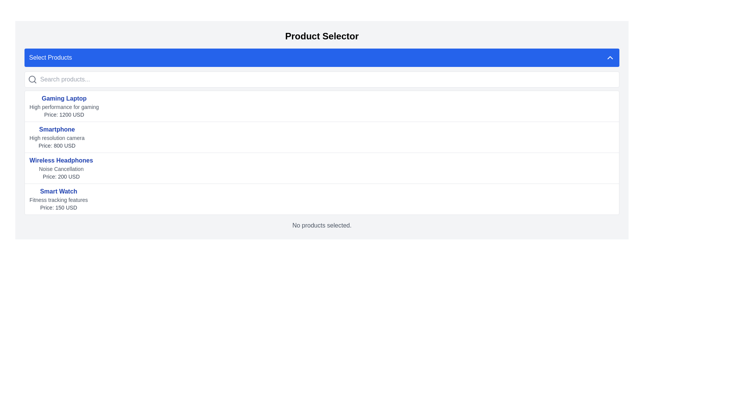  Describe the element at coordinates (56, 138) in the screenshot. I see `the static text that provides additional descriptive information about the 'Smartphone' product, specifically indicating the feature 'High resolution camera.'` at that location.